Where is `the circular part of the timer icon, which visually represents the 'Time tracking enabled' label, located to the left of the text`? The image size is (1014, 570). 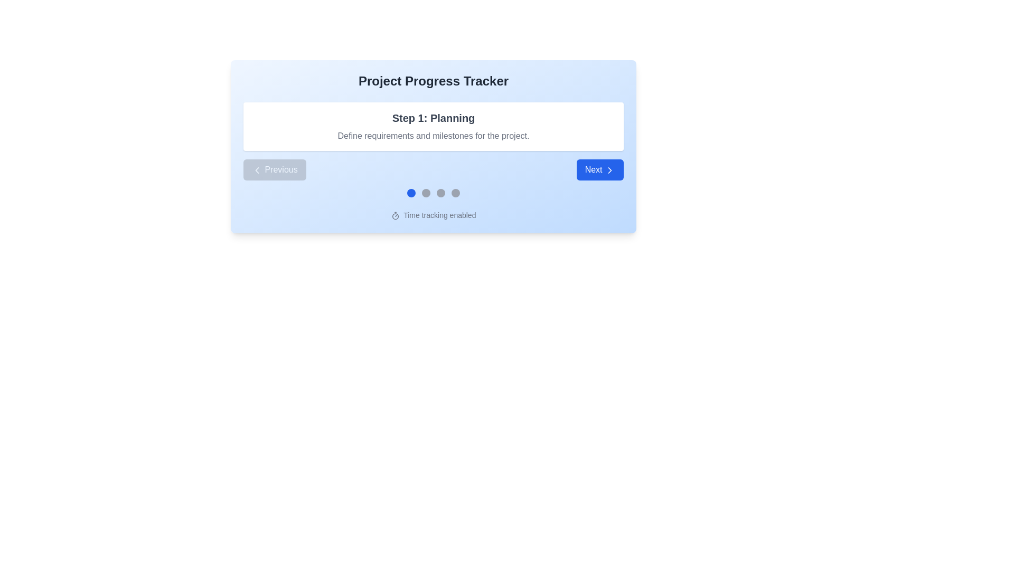 the circular part of the timer icon, which visually represents the 'Time tracking enabled' label, located to the left of the text is located at coordinates (395, 216).